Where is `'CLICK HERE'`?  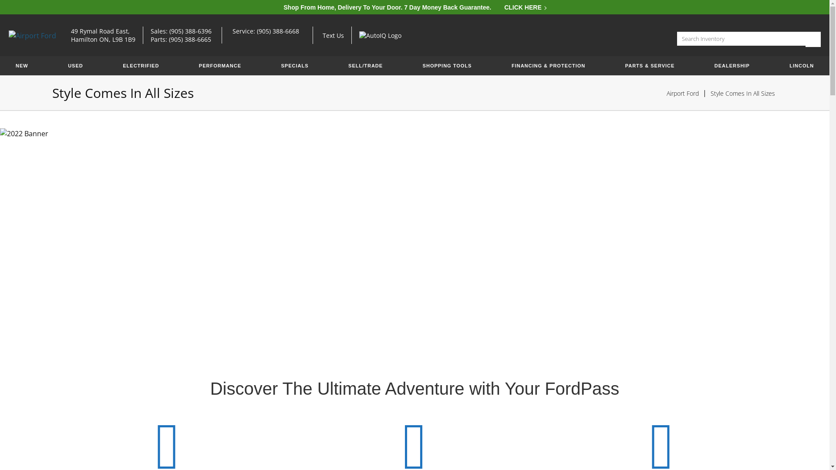
'CLICK HERE' is located at coordinates (524, 7).